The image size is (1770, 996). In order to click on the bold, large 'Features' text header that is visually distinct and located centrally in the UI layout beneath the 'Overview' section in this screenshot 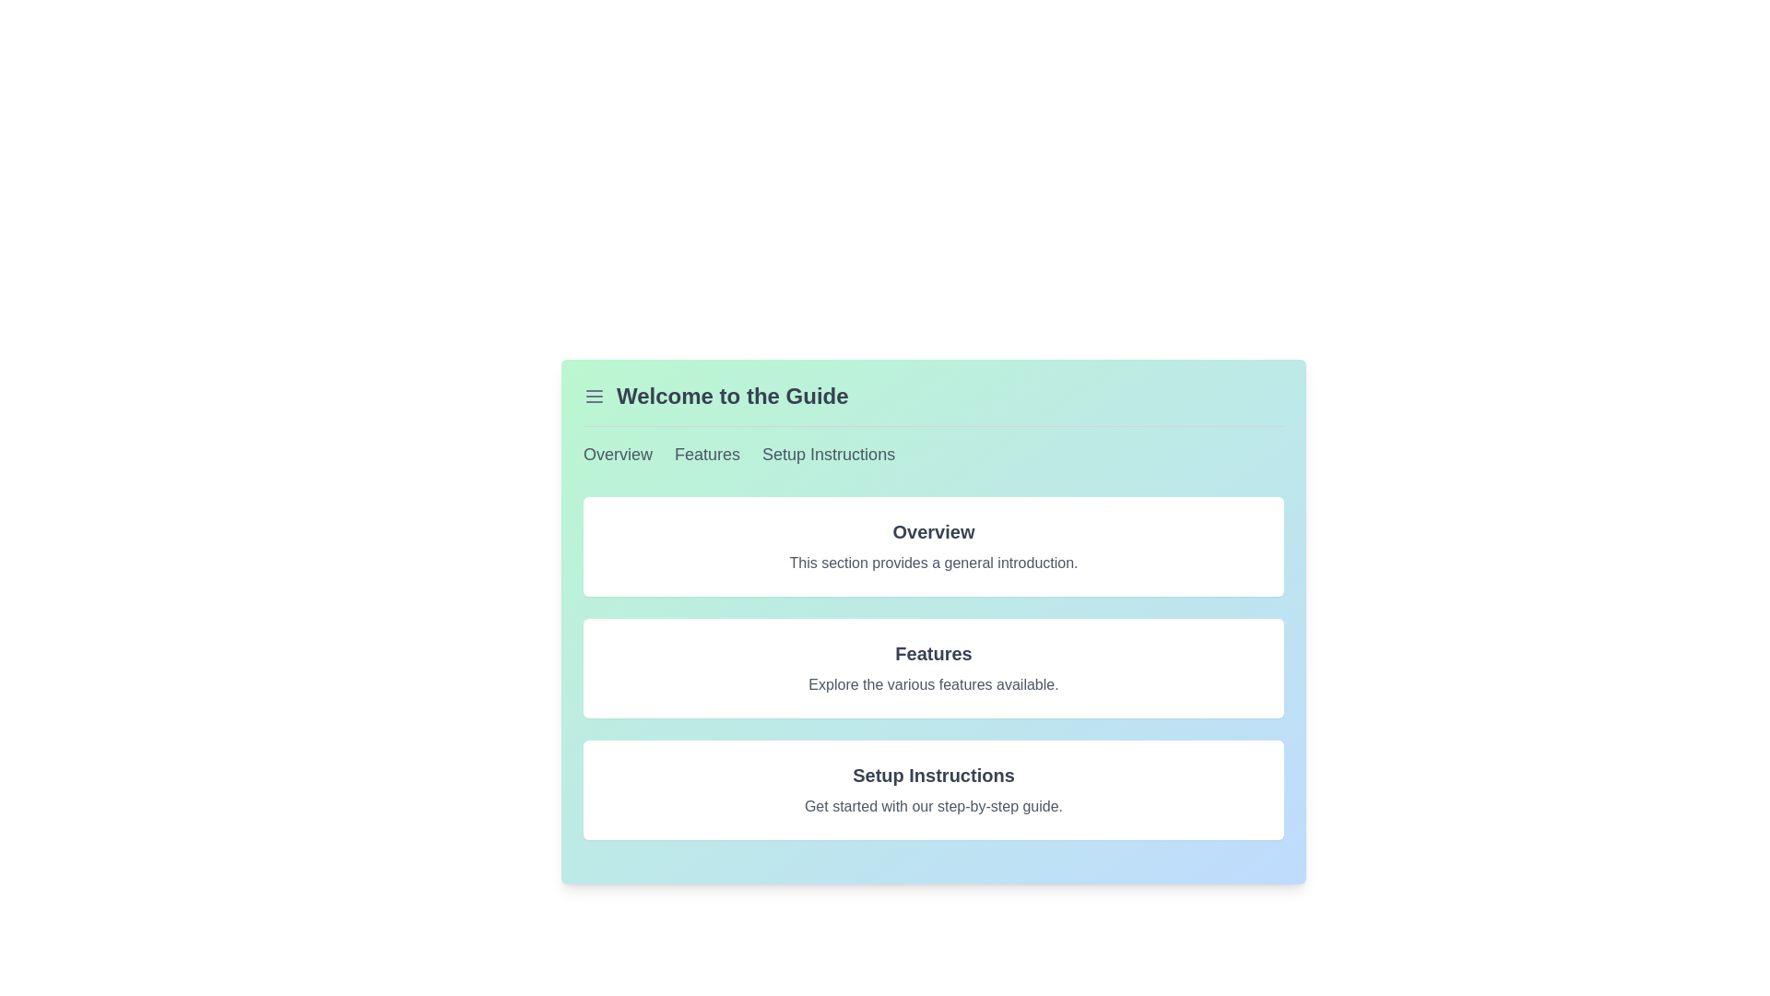, I will do `click(933, 653)`.